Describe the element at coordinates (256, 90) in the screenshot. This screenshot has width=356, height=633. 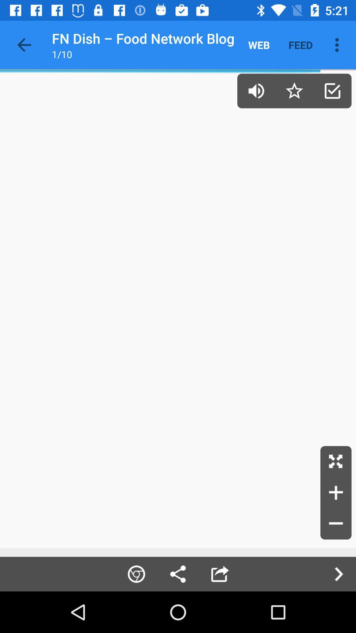
I see `volume button` at that location.